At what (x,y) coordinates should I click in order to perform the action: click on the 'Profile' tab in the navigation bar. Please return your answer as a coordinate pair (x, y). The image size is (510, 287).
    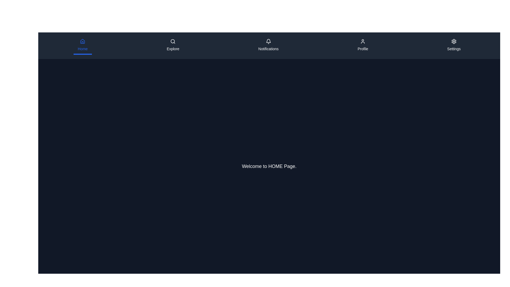
    Looking at the image, I should click on (363, 45).